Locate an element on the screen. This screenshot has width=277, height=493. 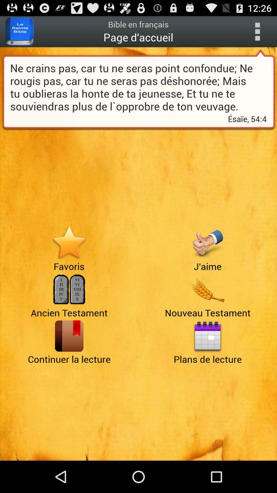
oppation is located at coordinates (257, 31).